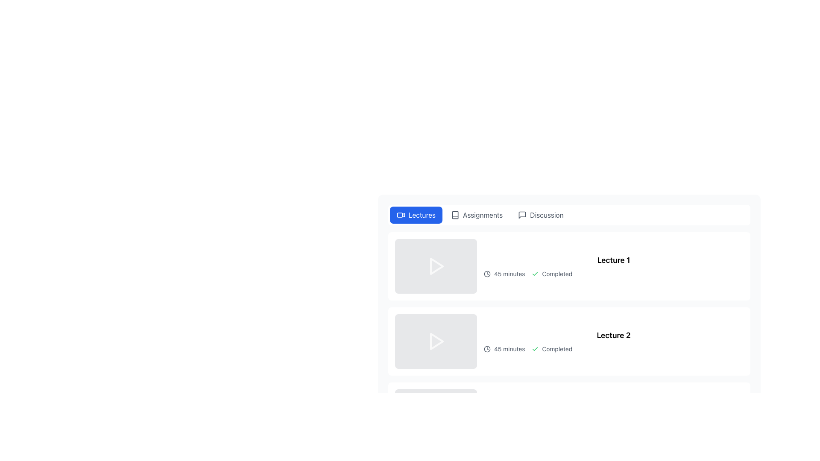 The width and height of the screenshot is (820, 461). Describe the element at coordinates (399, 215) in the screenshot. I see `the main body of the video icon representing the 'Lectures' section, which is a rectangular section positioned next to the 'Lectures' label in a blue tab` at that location.